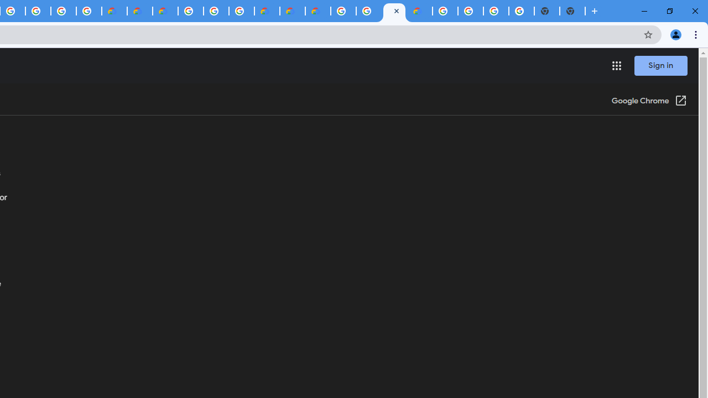 This screenshot has height=398, width=708. Describe the element at coordinates (445, 11) in the screenshot. I see `'Google Cloud Platform'` at that location.